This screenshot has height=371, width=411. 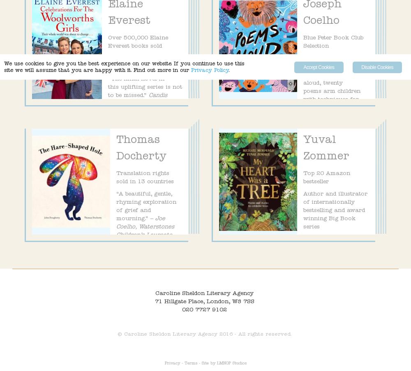 I want to click on 'Top 20 Amazon bestseller', so click(x=303, y=177).